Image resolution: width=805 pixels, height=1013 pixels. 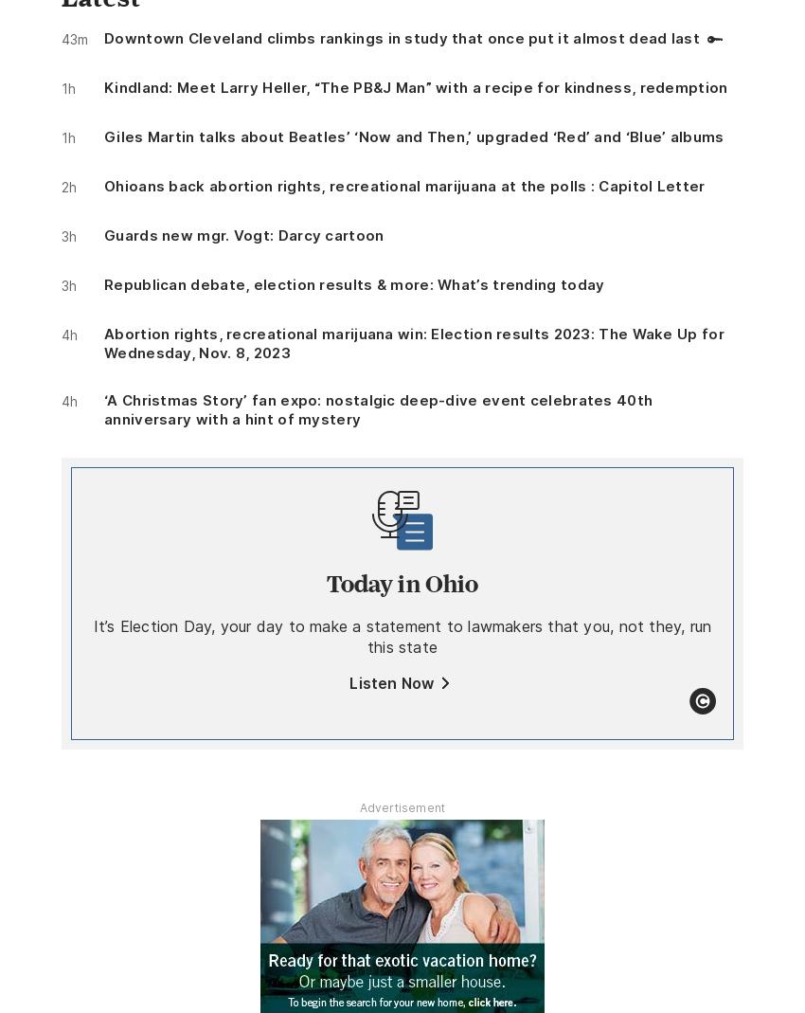 What do you see at coordinates (415, 85) in the screenshot?
I see `'Kindland: Meet Larry Heller, “The PB&J Man” with a recipe for kindness, redemption'` at bounding box center [415, 85].